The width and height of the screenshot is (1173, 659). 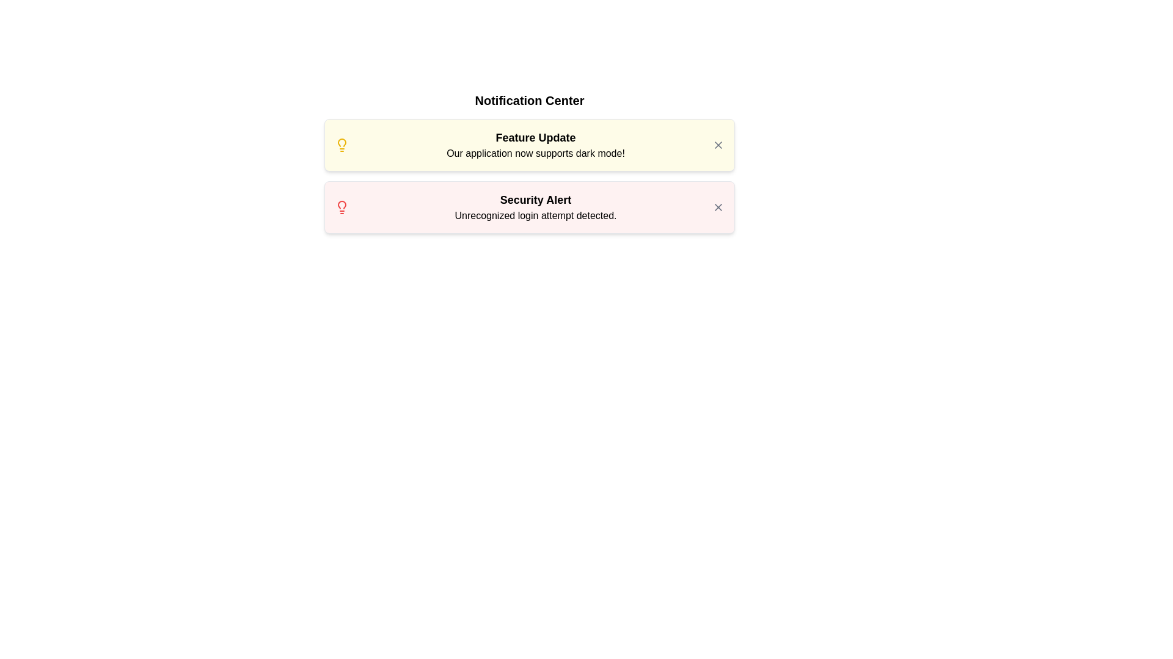 I want to click on text displayed in the Text Display component that shows 'Our application now supports dark mode!' which is located in the notification center layout, so click(x=536, y=153).